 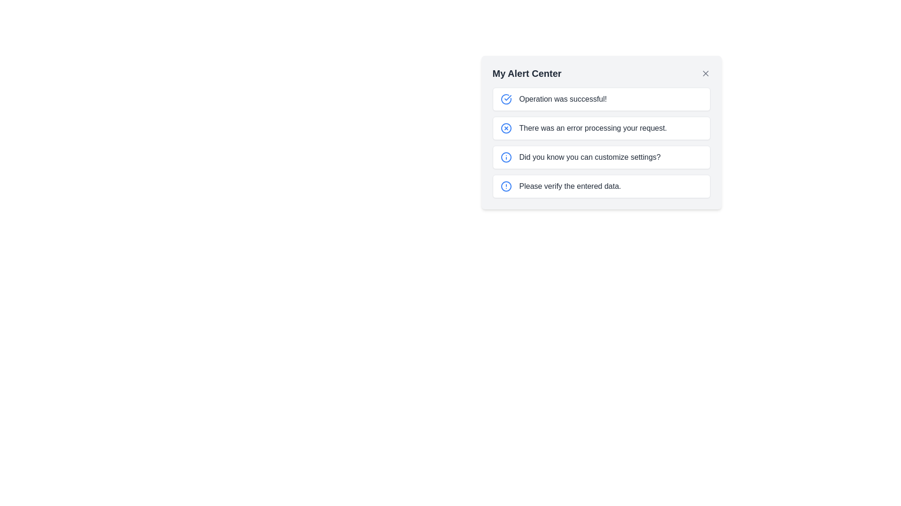 I want to click on the Informational card that contains the message 'Did you know you can customize settings?' in the 'My Alert Center' section, so click(x=601, y=156).